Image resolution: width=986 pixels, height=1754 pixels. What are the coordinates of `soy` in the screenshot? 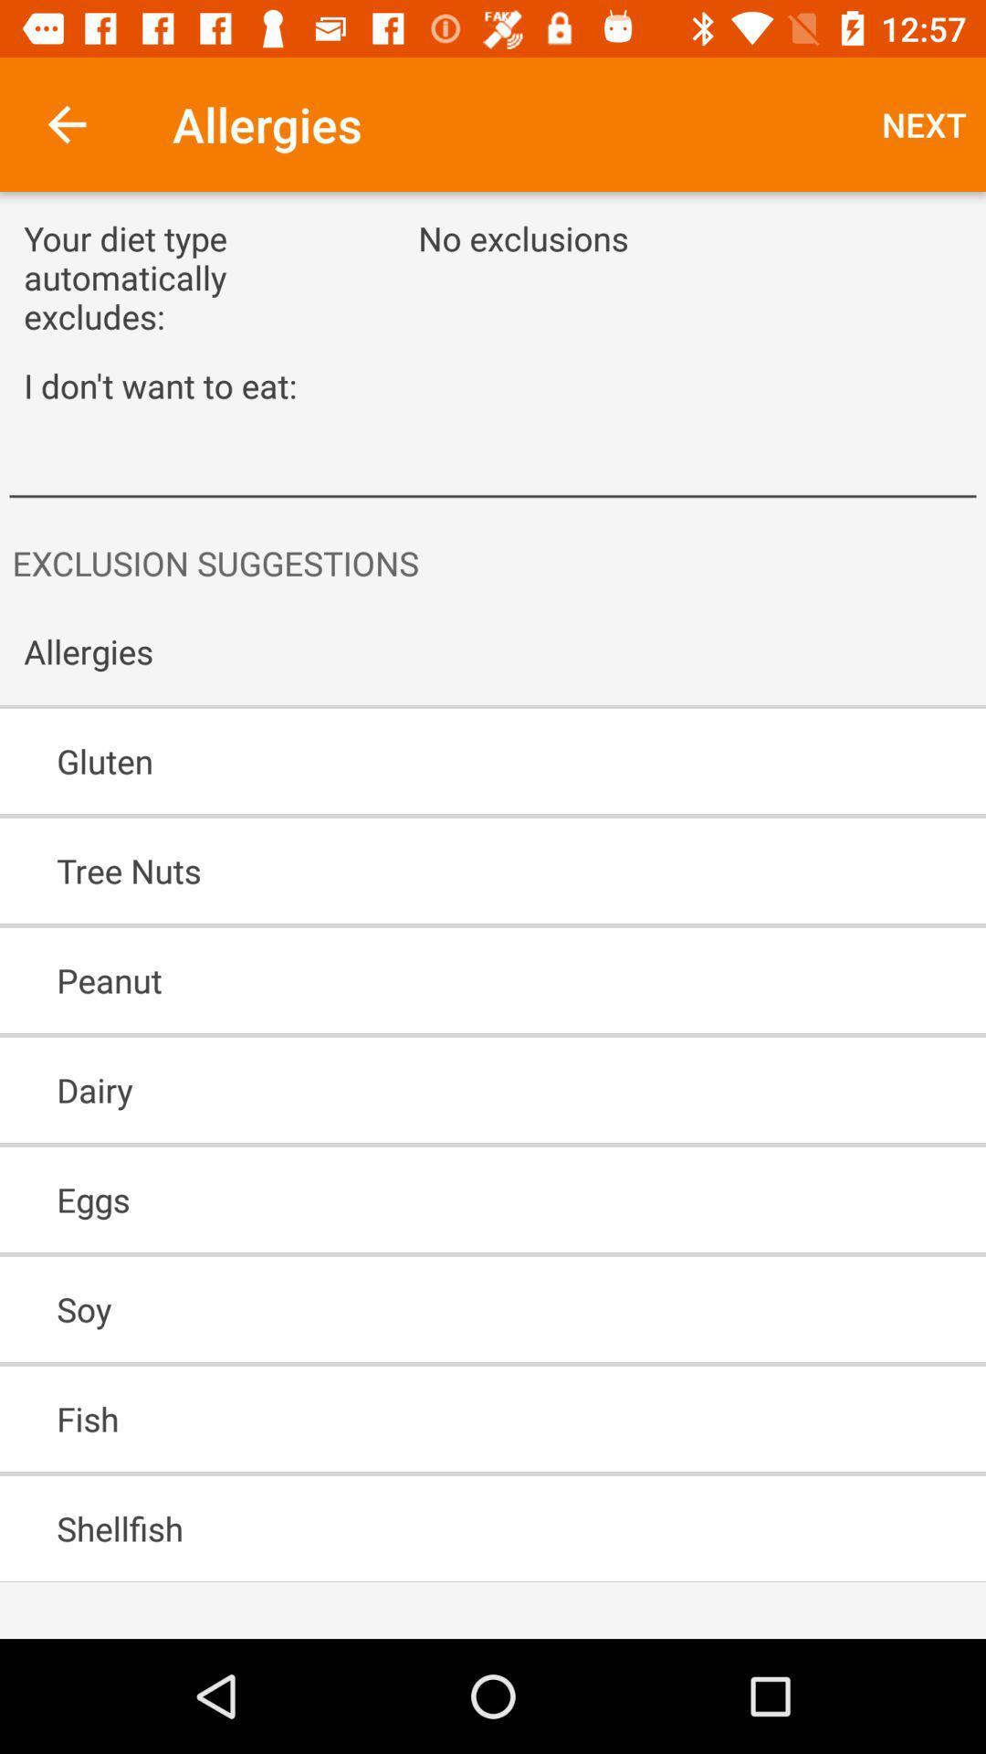 It's located at (440, 1308).